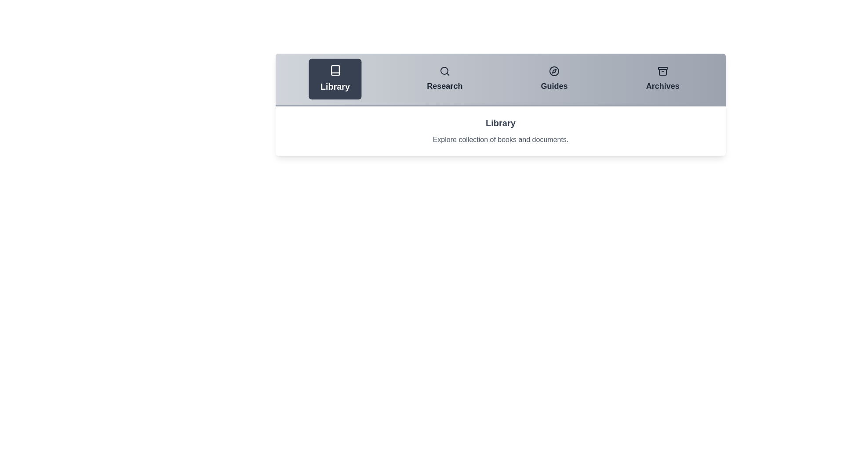  What do you see at coordinates (662, 79) in the screenshot?
I see `the Archives tab to preview its effect` at bounding box center [662, 79].